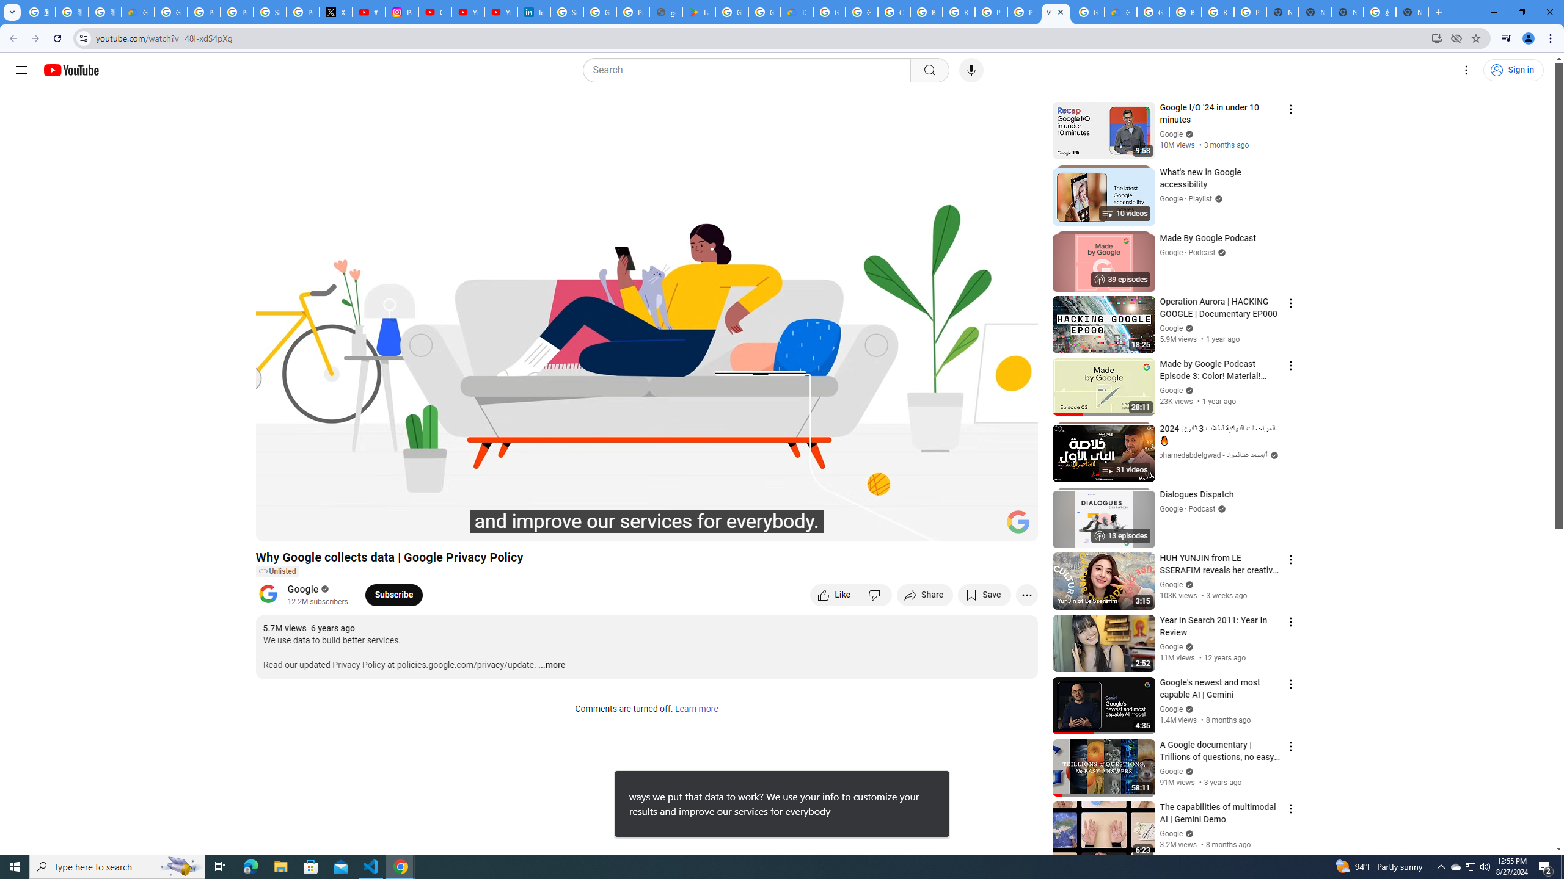 Image resolution: width=1564 pixels, height=879 pixels. Describe the element at coordinates (237, 12) in the screenshot. I see `'Privacy Help Center - Policies Help'` at that location.